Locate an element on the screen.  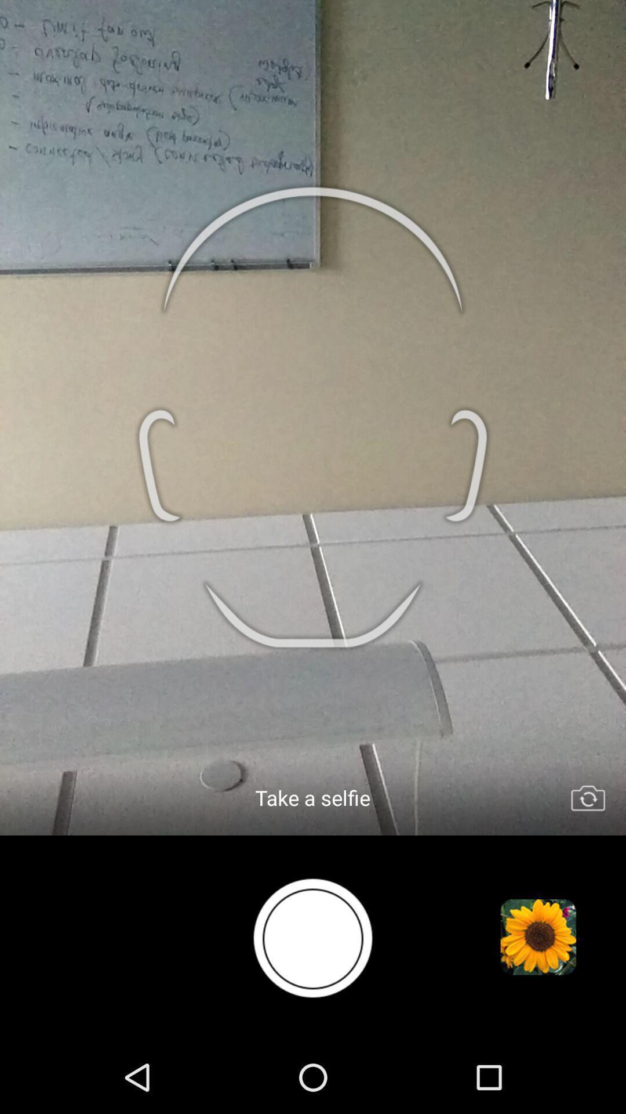
the settings icon is located at coordinates (537, 1003).